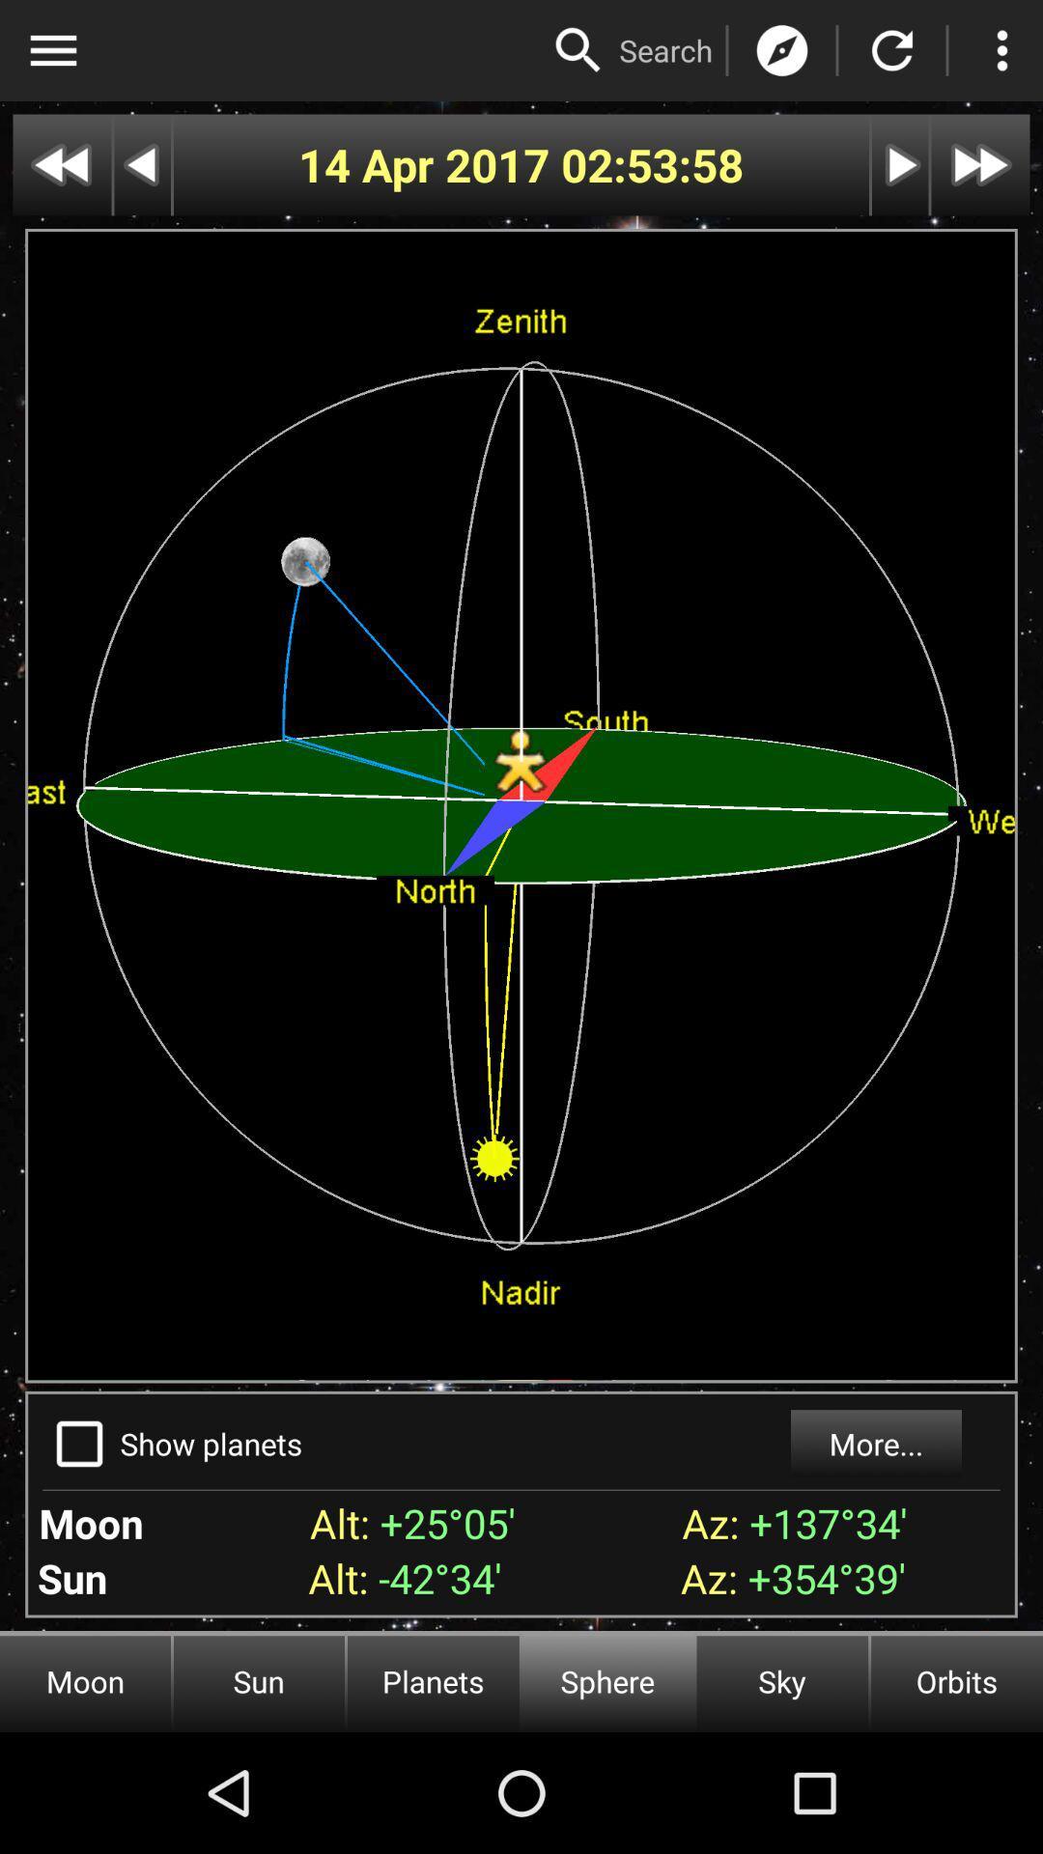 Image resolution: width=1043 pixels, height=1854 pixels. Describe the element at coordinates (429, 165) in the screenshot. I see `icon next to the 02:53:58 app` at that location.